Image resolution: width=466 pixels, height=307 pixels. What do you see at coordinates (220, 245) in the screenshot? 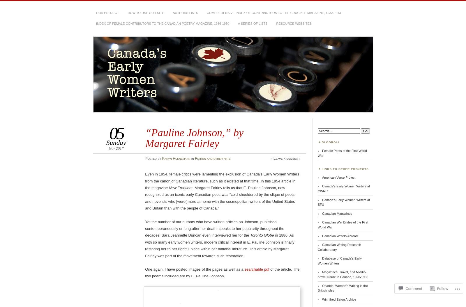
I see `'in 1886. As with so many early women writers, modern critical interest in E. Pauline Johnson is finally restoring her to her rightful place within her national literature. This article by Margaret Fairley was part of the movement towards such restoration.'` at bounding box center [220, 245].